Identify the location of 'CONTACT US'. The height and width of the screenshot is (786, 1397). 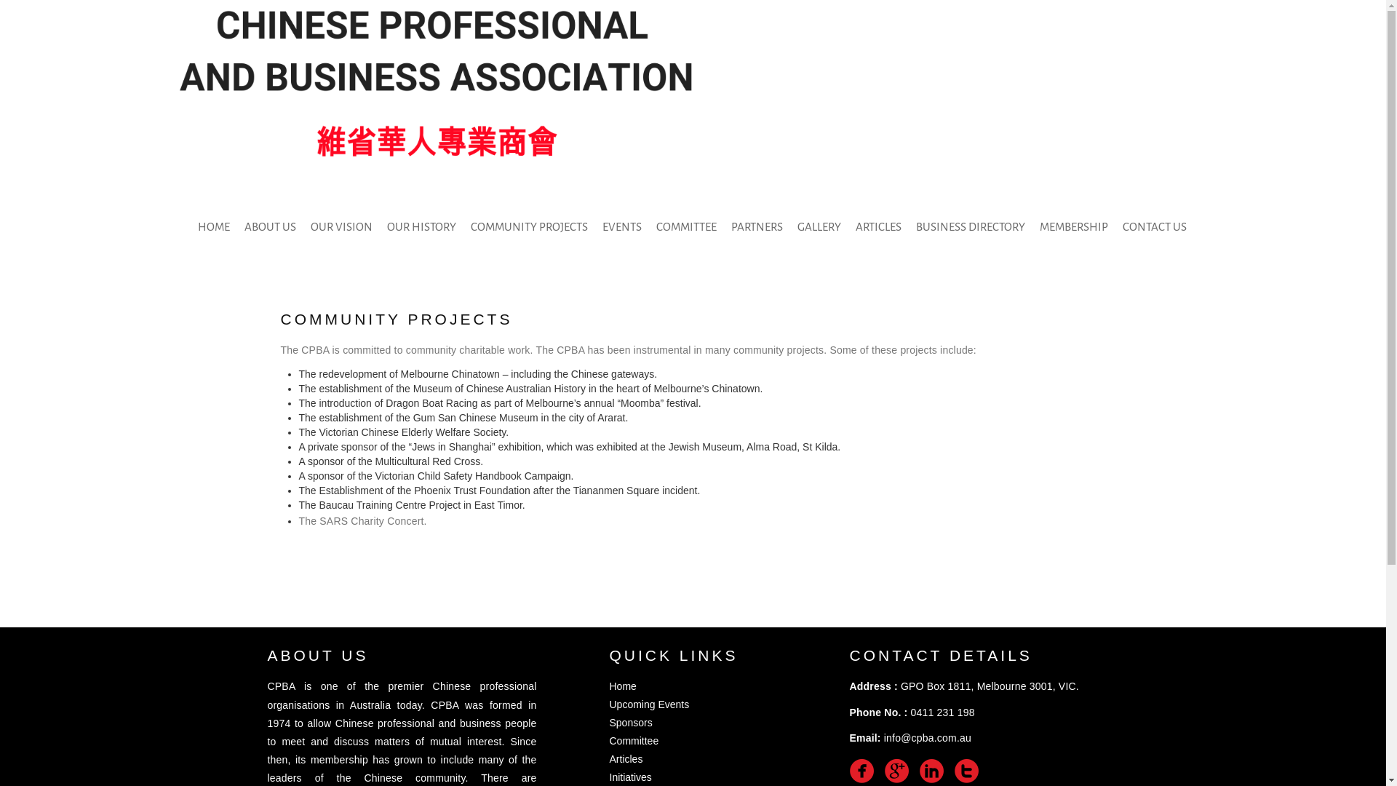
(1154, 227).